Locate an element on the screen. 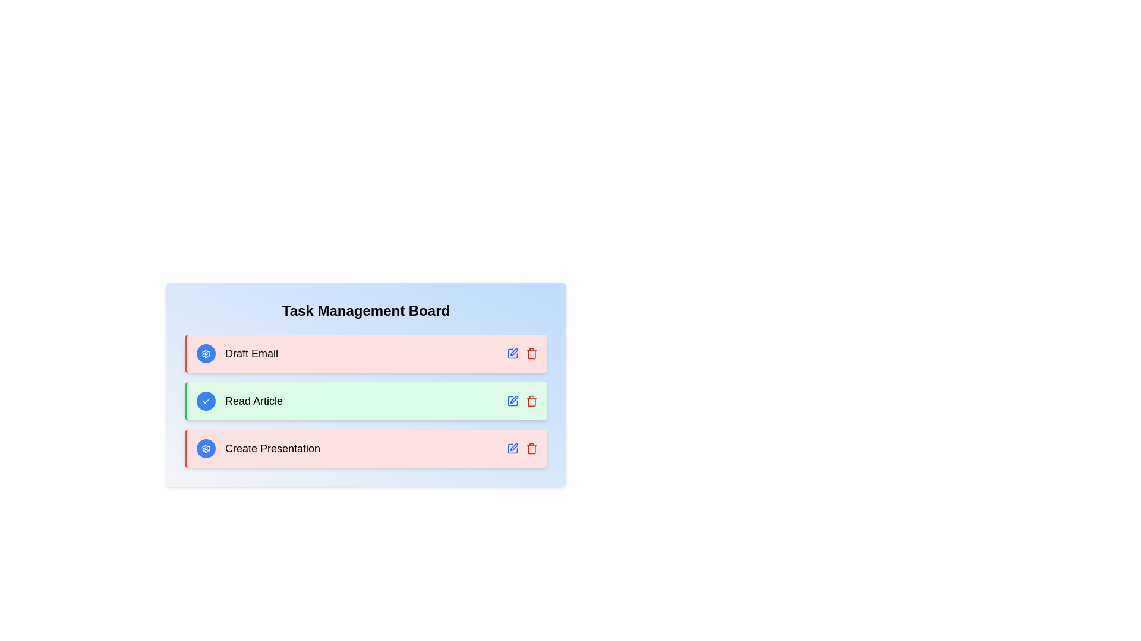 This screenshot has width=1141, height=641. the edit button for the task 'Draft Email' is located at coordinates (513, 353).